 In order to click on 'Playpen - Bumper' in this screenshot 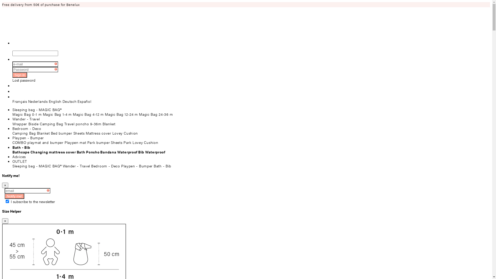, I will do `click(28, 137)`.